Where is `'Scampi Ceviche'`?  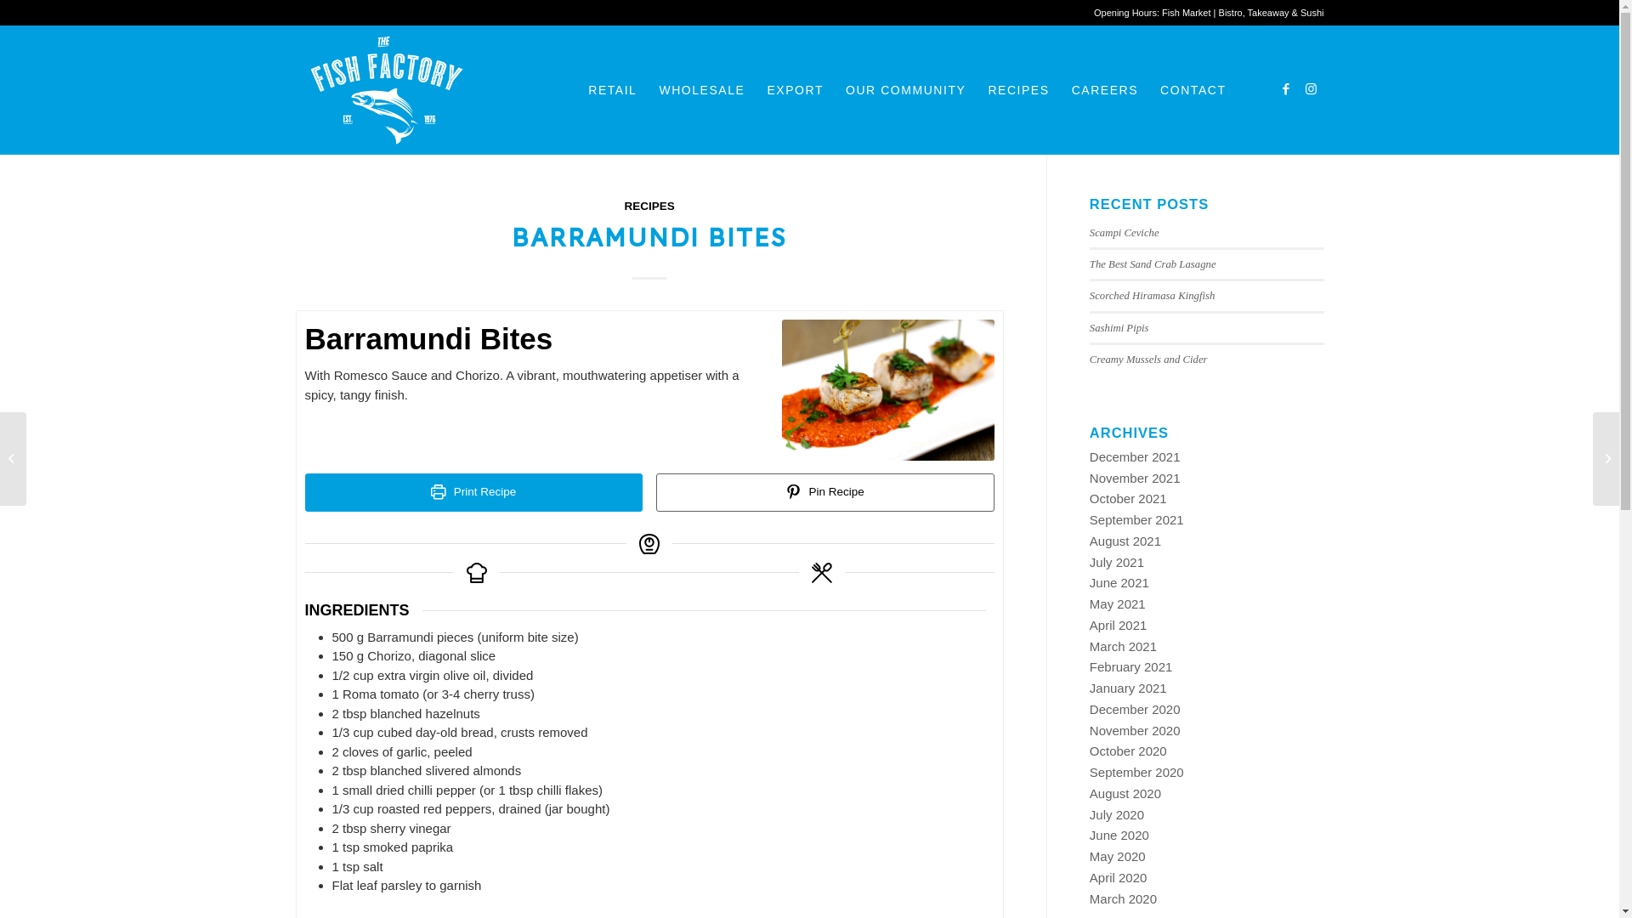 'Scampi Ceviche' is located at coordinates (1089, 232).